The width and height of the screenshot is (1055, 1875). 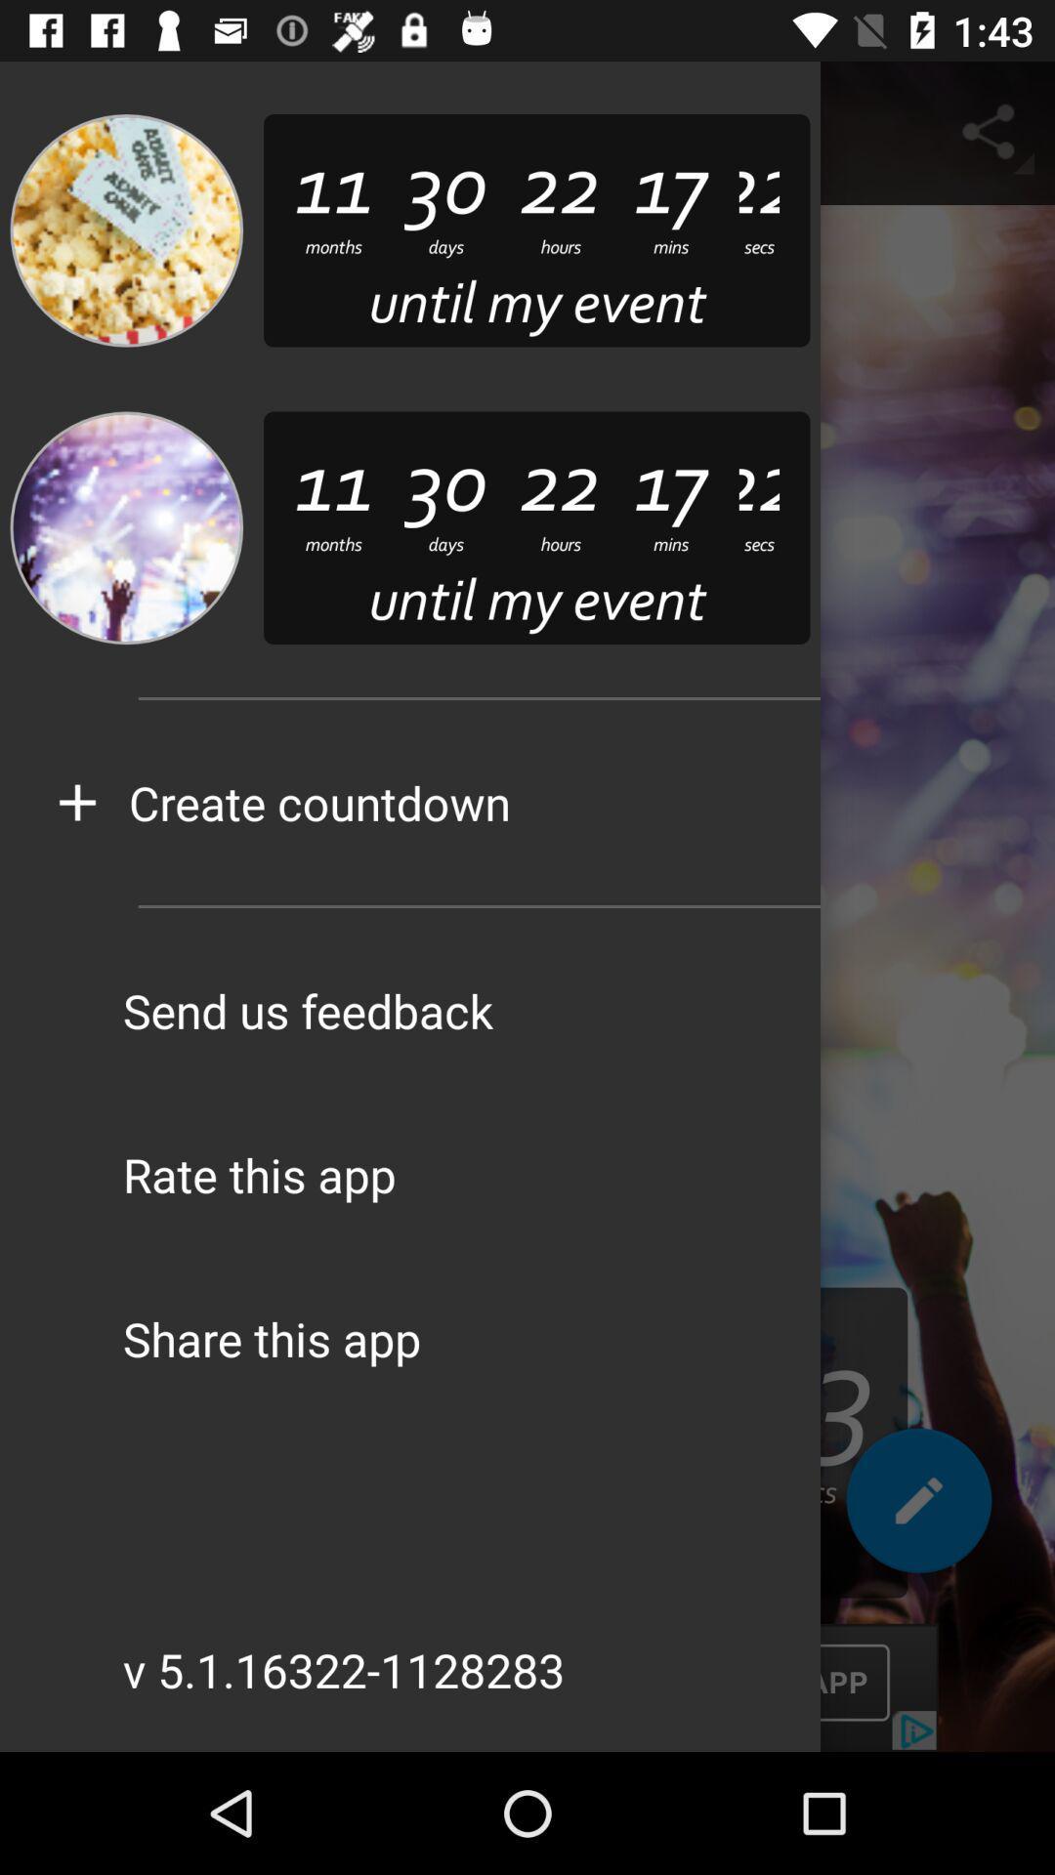 I want to click on the edit icon, so click(x=918, y=1507).